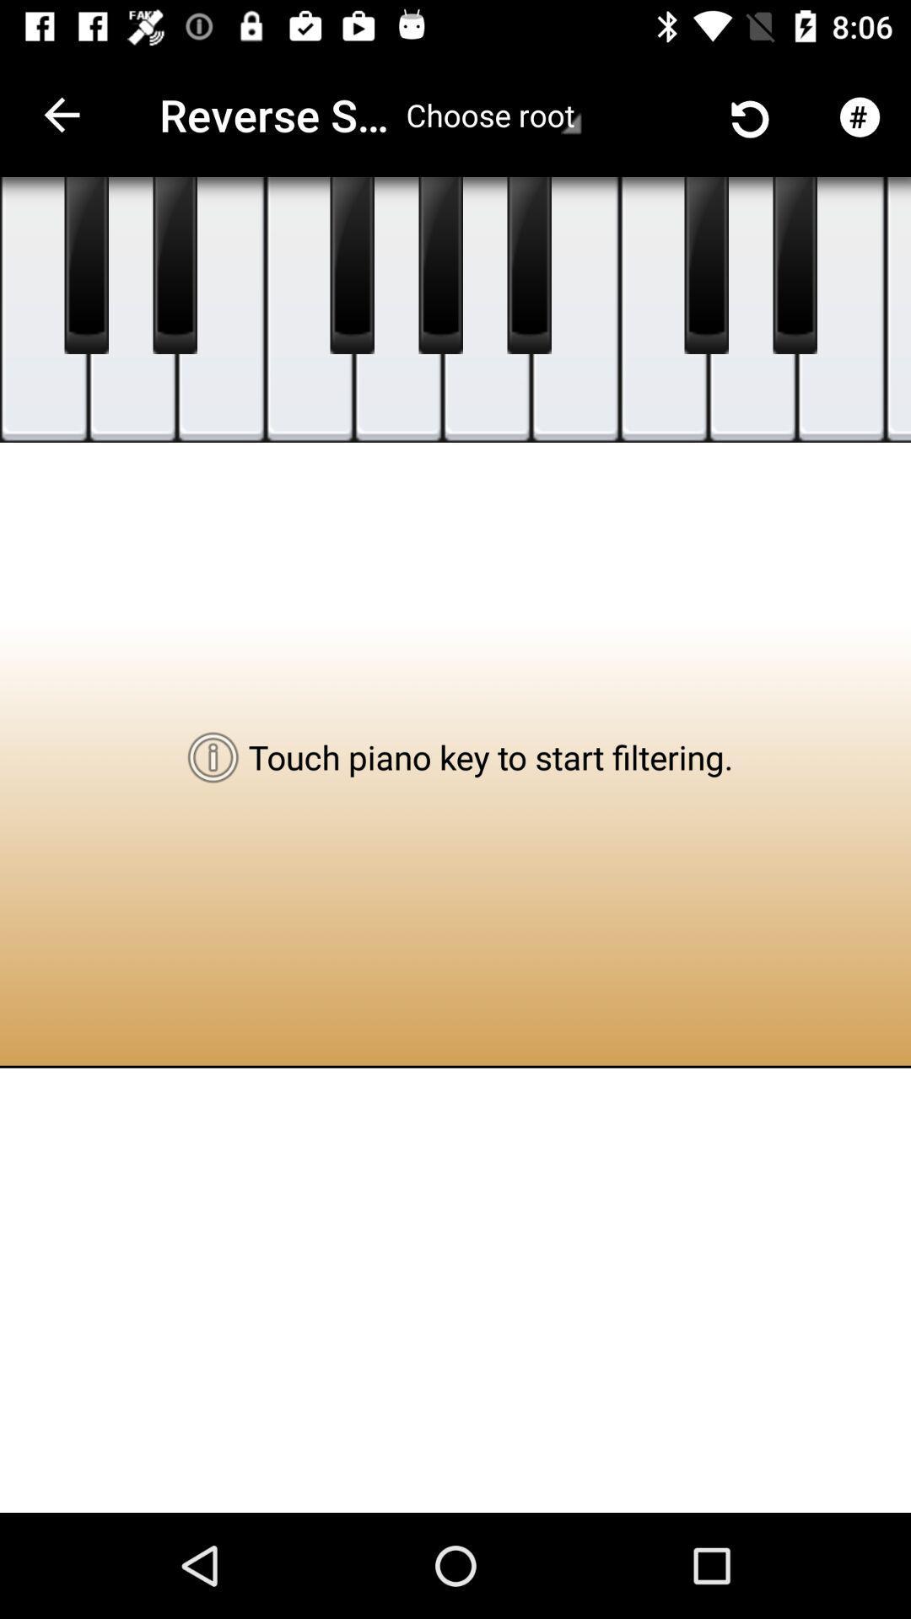 This screenshot has height=1619, width=911. Describe the element at coordinates (310, 309) in the screenshot. I see `piano` at that location.